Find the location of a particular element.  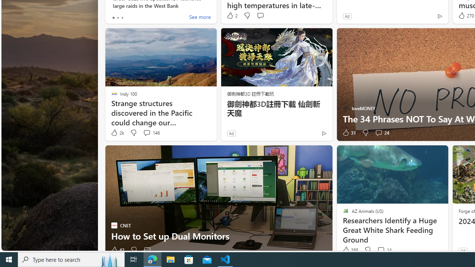

'tab-2' is located at coordinates (122, 17).